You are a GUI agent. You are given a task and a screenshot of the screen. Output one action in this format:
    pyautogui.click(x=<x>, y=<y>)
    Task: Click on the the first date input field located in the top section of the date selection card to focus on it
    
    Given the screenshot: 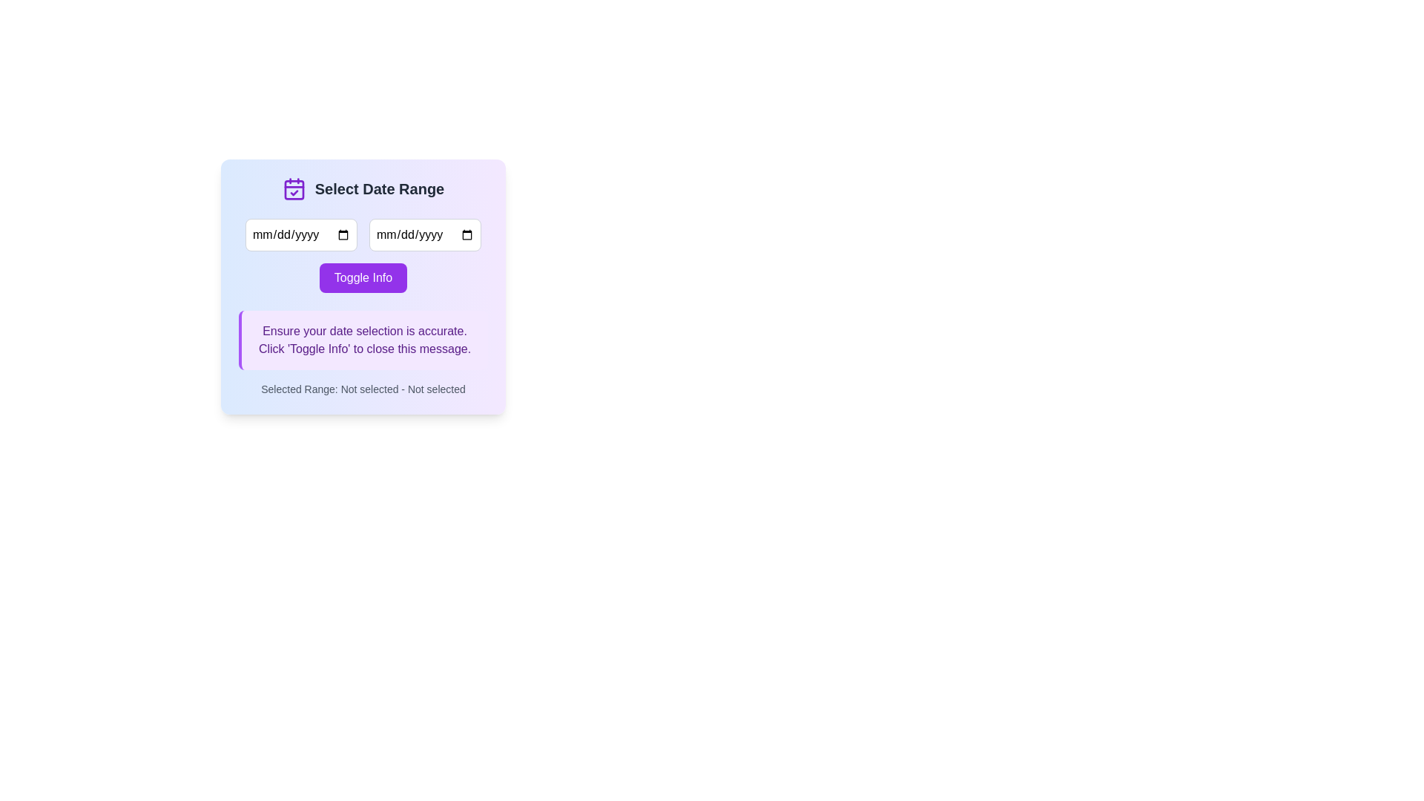 What is the action you would take?
    pyautogui.click(x=300, y=234)
    